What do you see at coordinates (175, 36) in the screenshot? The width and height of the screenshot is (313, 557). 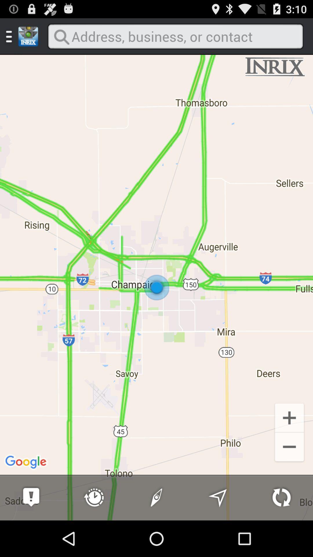 I see `search` at bounding box center [175, 36].